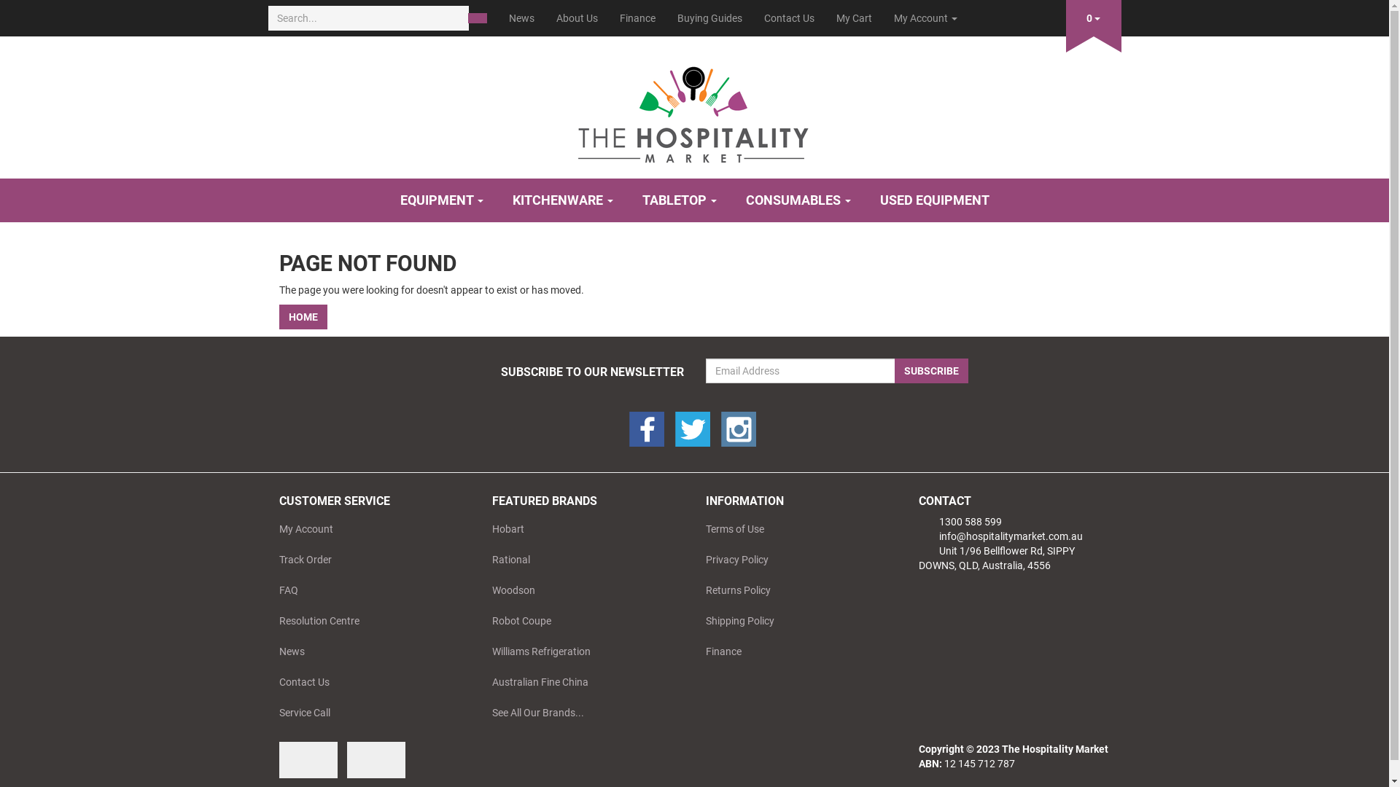 The image size is (1400, 787). Describe the element at coordinates (440, 200) in the screenshot. I see `'EQUIPMENT'` at that location.